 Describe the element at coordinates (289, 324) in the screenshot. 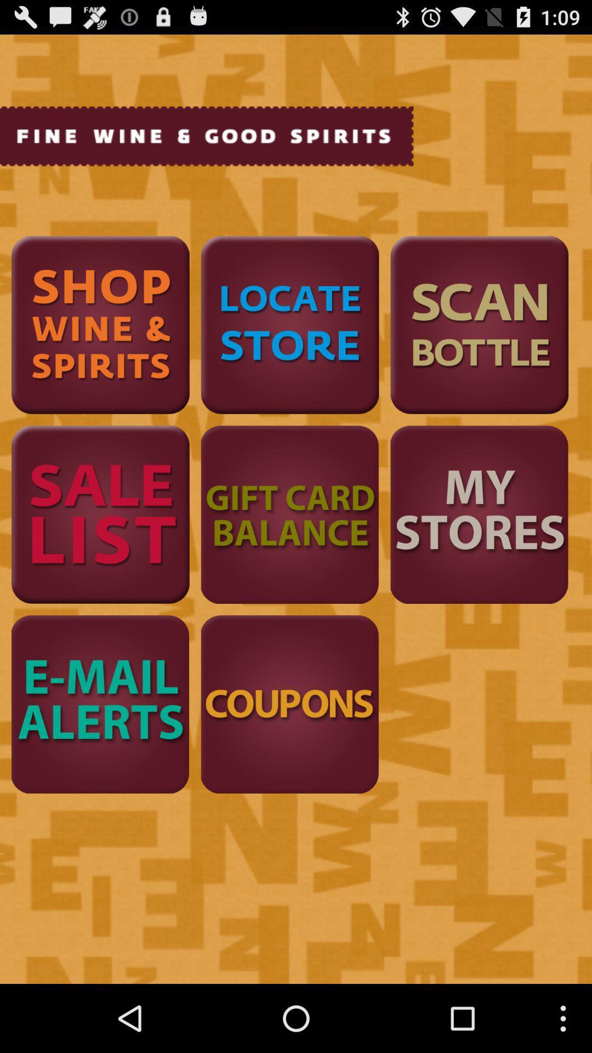

I see `location of stores` at that location.